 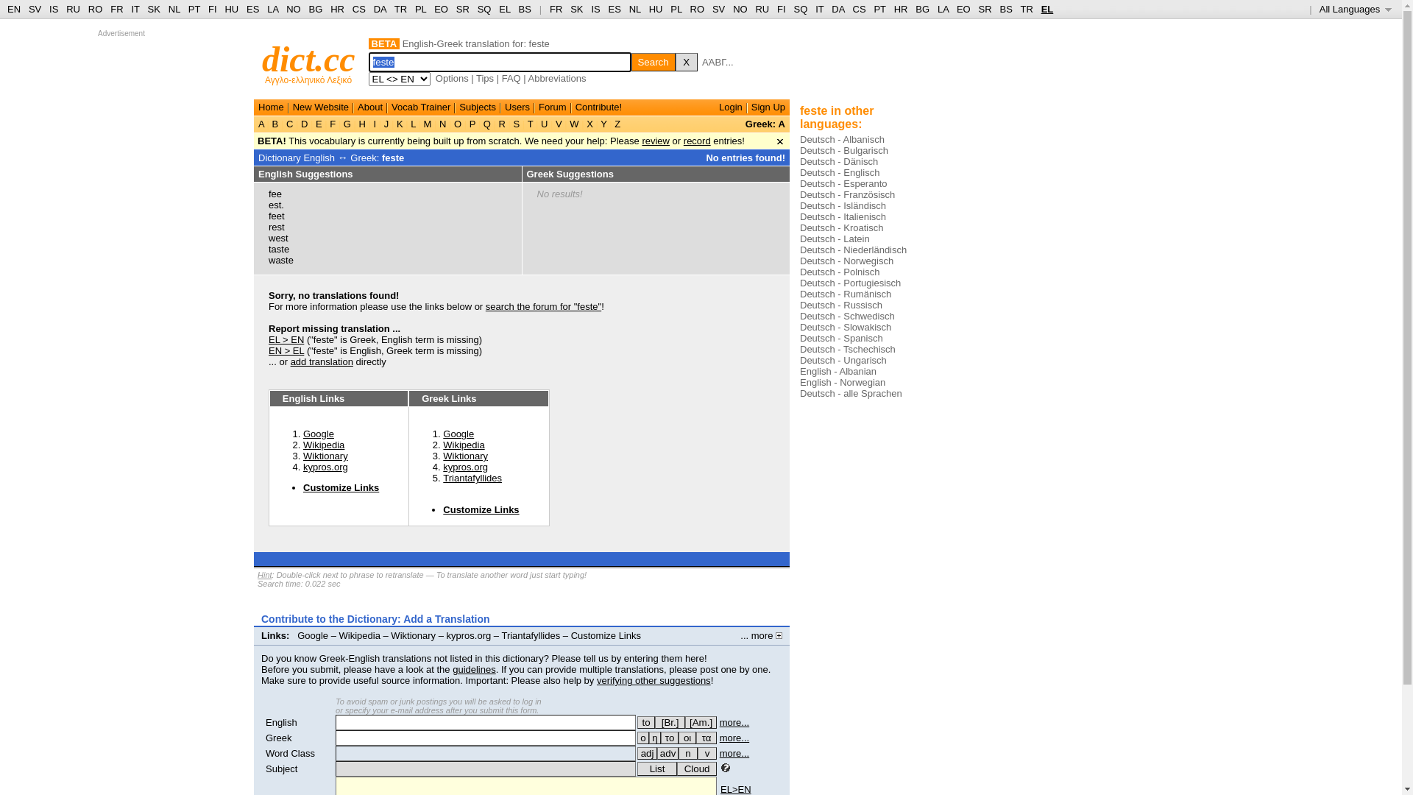 I want to click on 'U', so click(x=543, y=123).